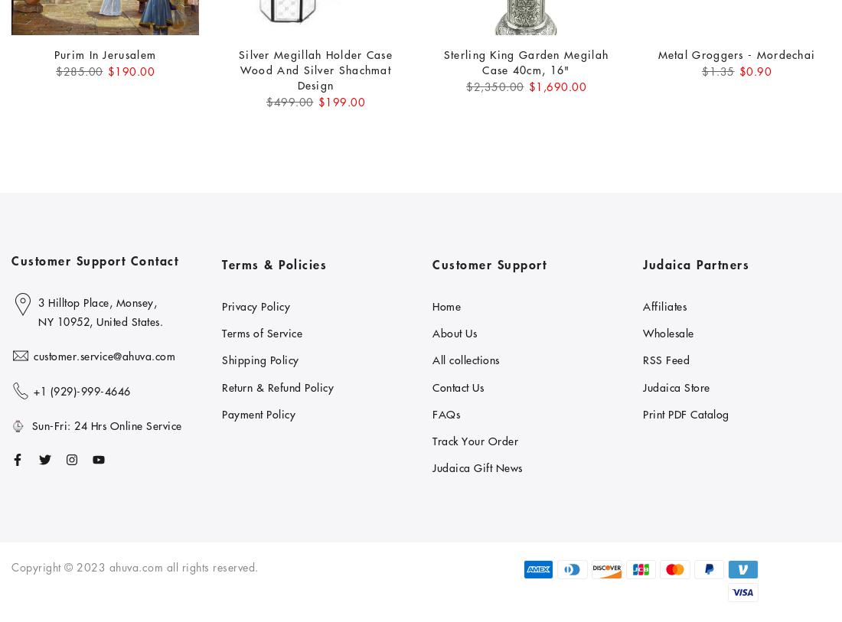 This screenshot has width=842, height=622. I want to click on '$285.00', so click(79, 70).